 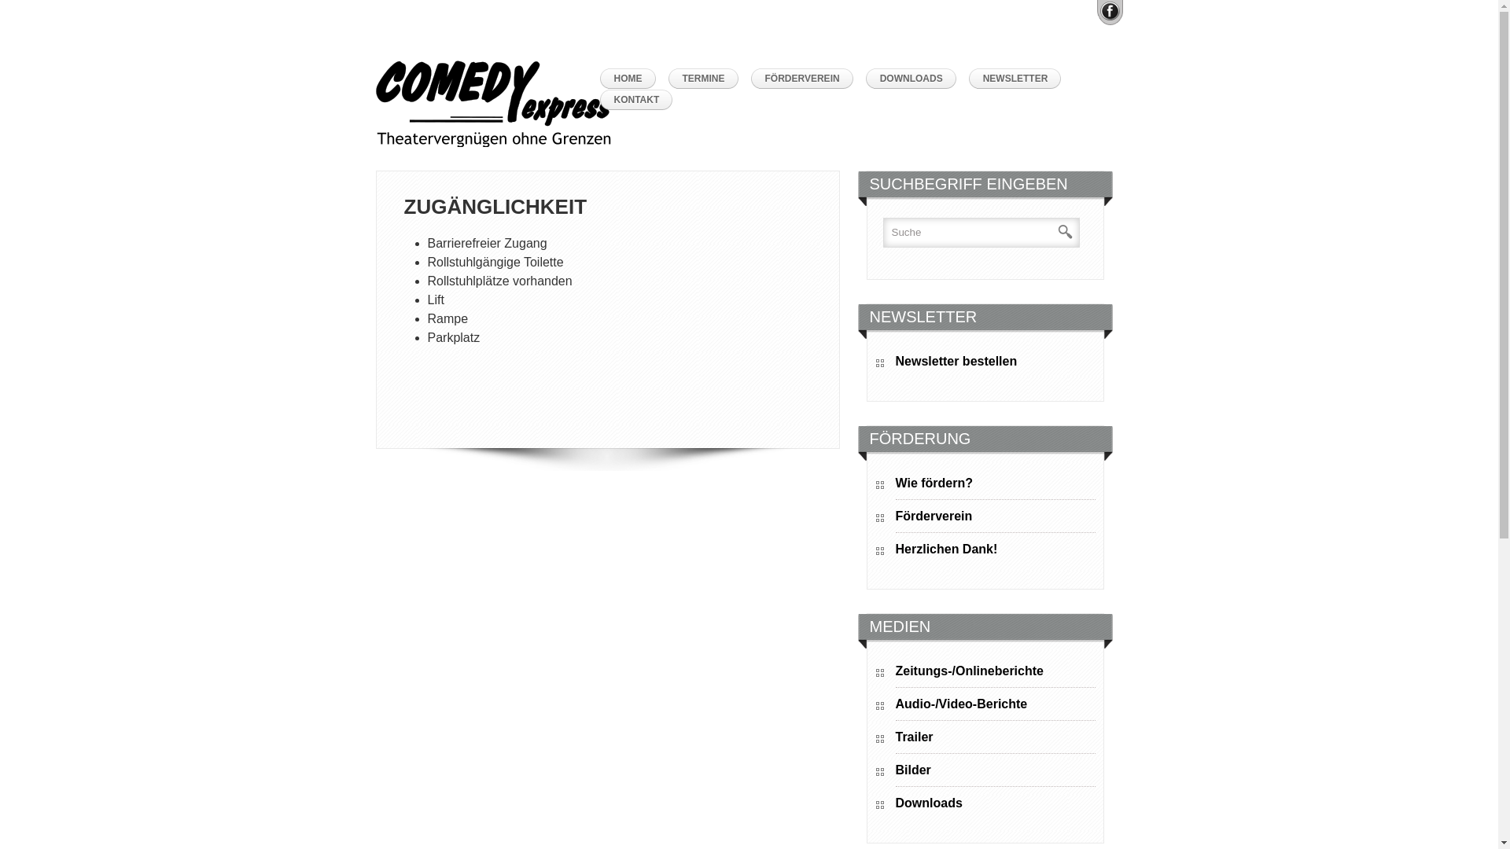 What do you see at coordinates (1108, 11) in the screenshot?
I see `'Share on Facebook'` at bounding box center [1108, 11].